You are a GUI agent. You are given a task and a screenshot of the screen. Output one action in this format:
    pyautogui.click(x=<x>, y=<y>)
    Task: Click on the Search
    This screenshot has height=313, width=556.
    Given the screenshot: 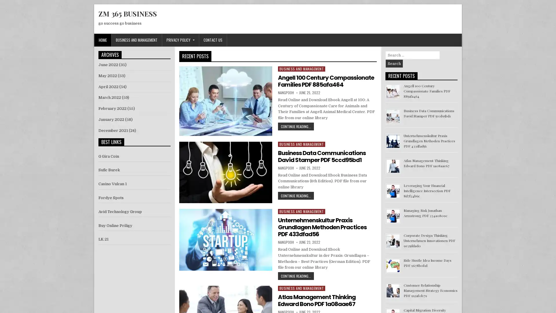 What is the action you would take?
    pyautogui.click(x=394, y=63)
    